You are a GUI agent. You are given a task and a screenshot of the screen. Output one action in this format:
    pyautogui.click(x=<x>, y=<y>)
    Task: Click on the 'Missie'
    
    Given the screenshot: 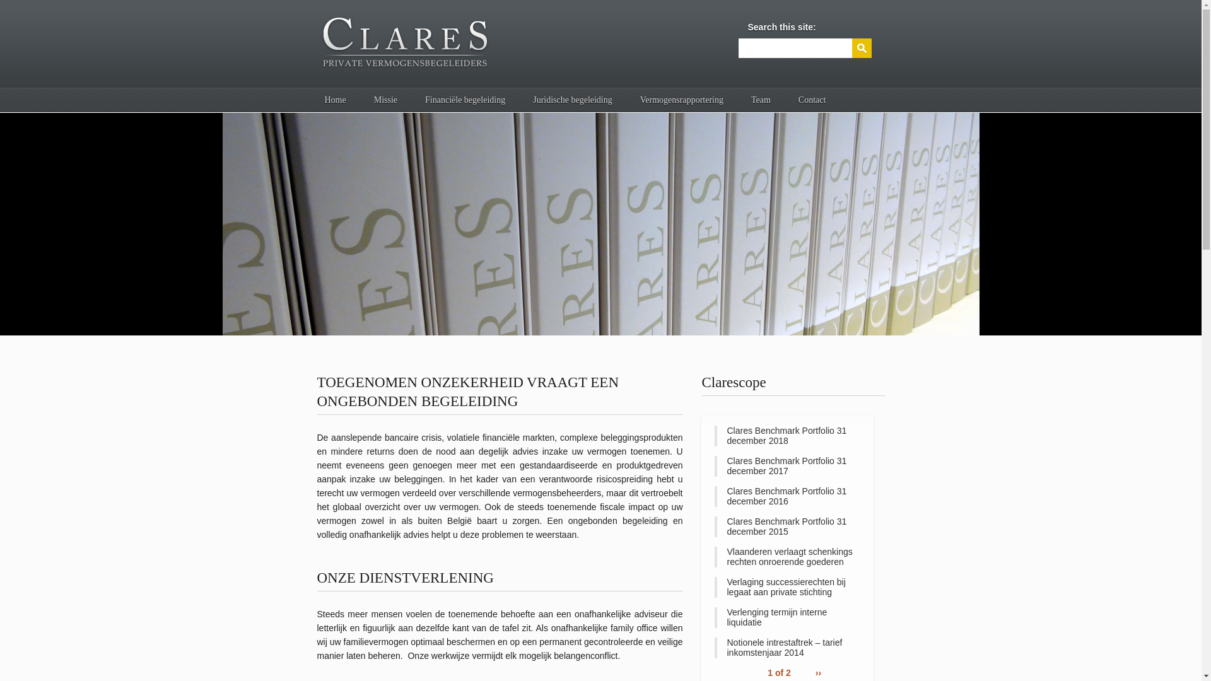 What is the action you would take?
    pyautogui.click(x=385, y=99)
    